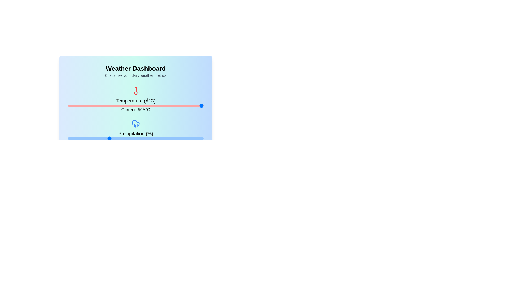 This screenshot has height=286, width=509. What do you see at coordinates (104, 105) in the screenshot?
I see `the temperature` at bounding box center [104, 105].